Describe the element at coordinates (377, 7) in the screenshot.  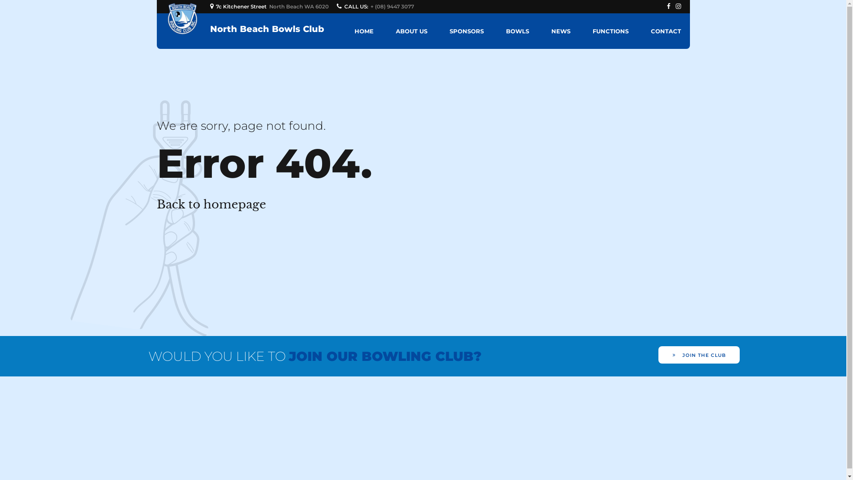
I see `'CALL US:` at that location.